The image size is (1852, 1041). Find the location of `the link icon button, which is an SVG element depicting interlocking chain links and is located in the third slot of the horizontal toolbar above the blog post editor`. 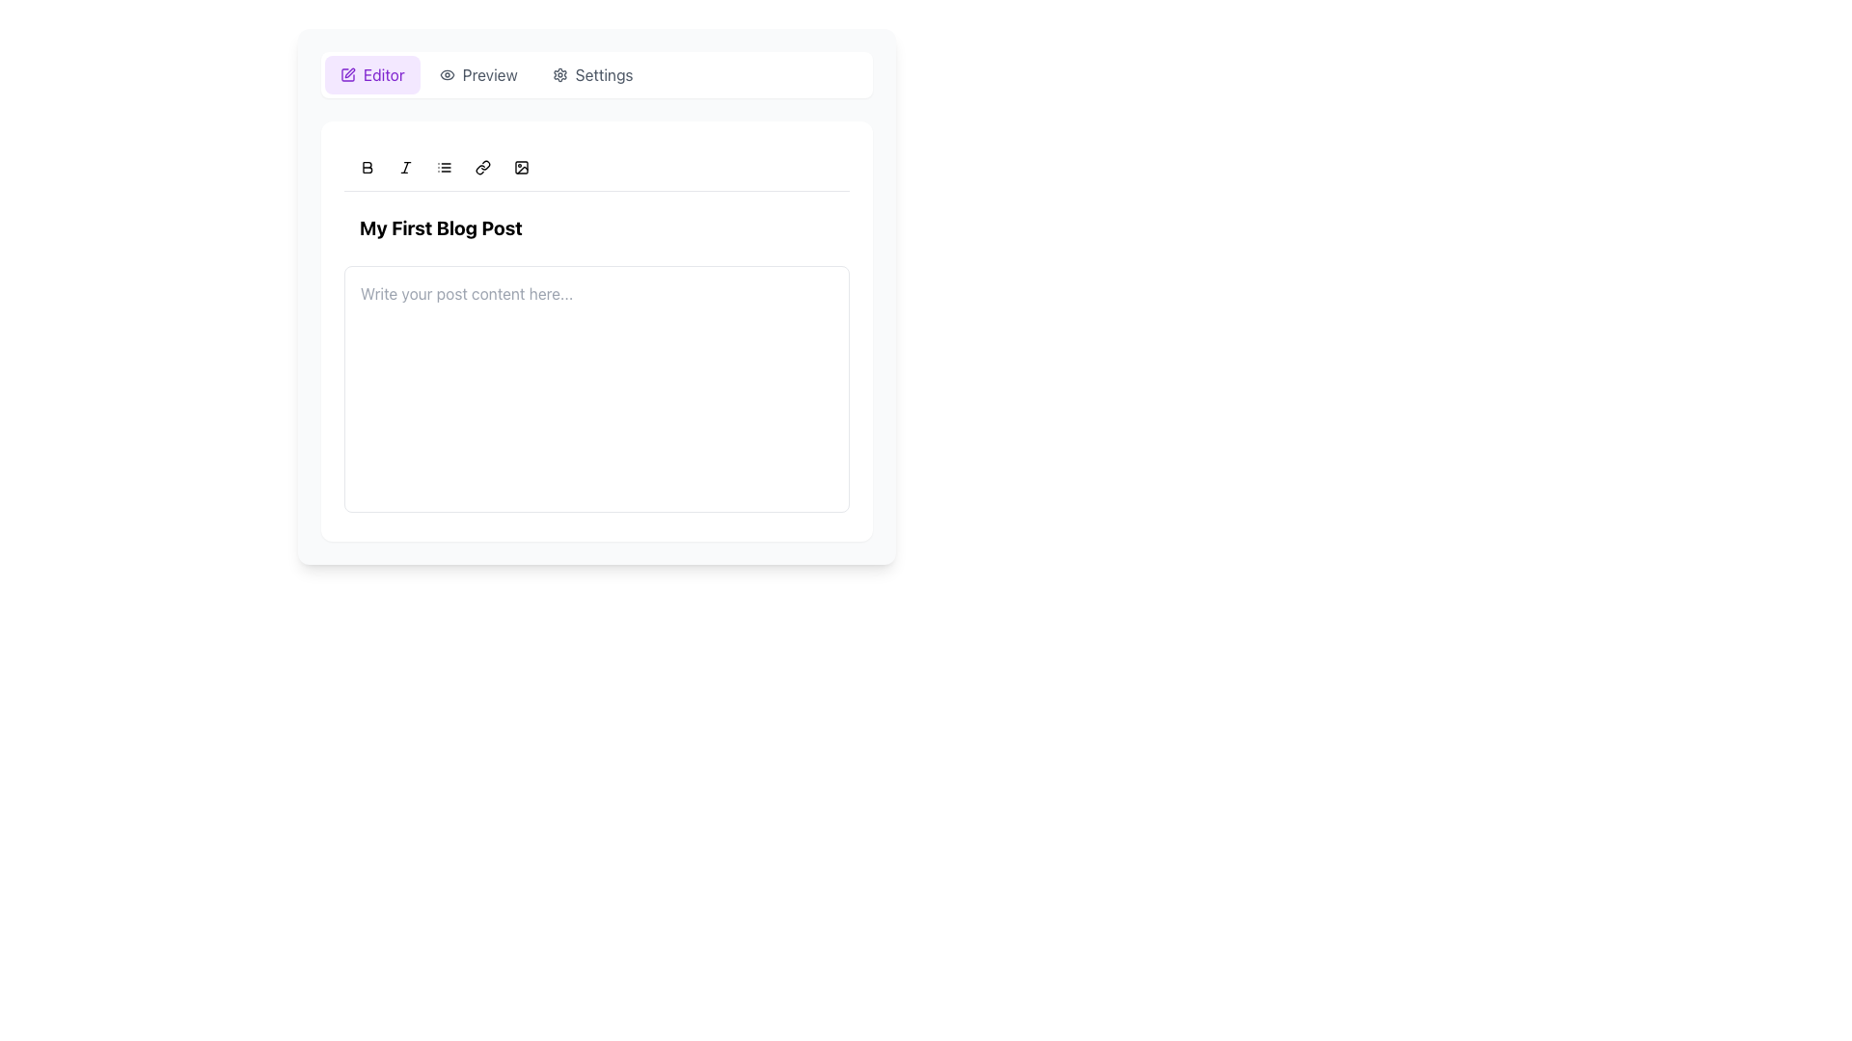

the link icon button, which is an SVG element depicting interlocking chain links and is located in the third slot of the horizontal toolbar above the blog post editor is located at coordinates (482, 166).